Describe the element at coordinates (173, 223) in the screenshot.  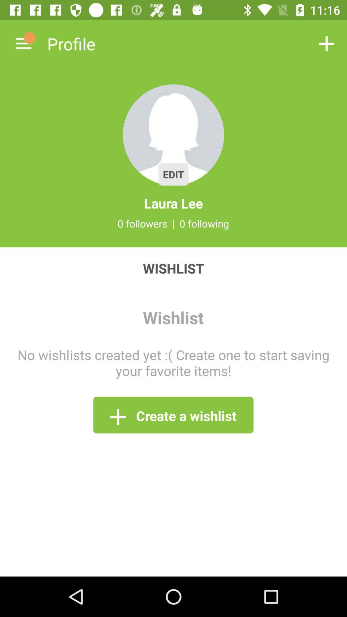
I see `icon below the laura lee item` at that location.